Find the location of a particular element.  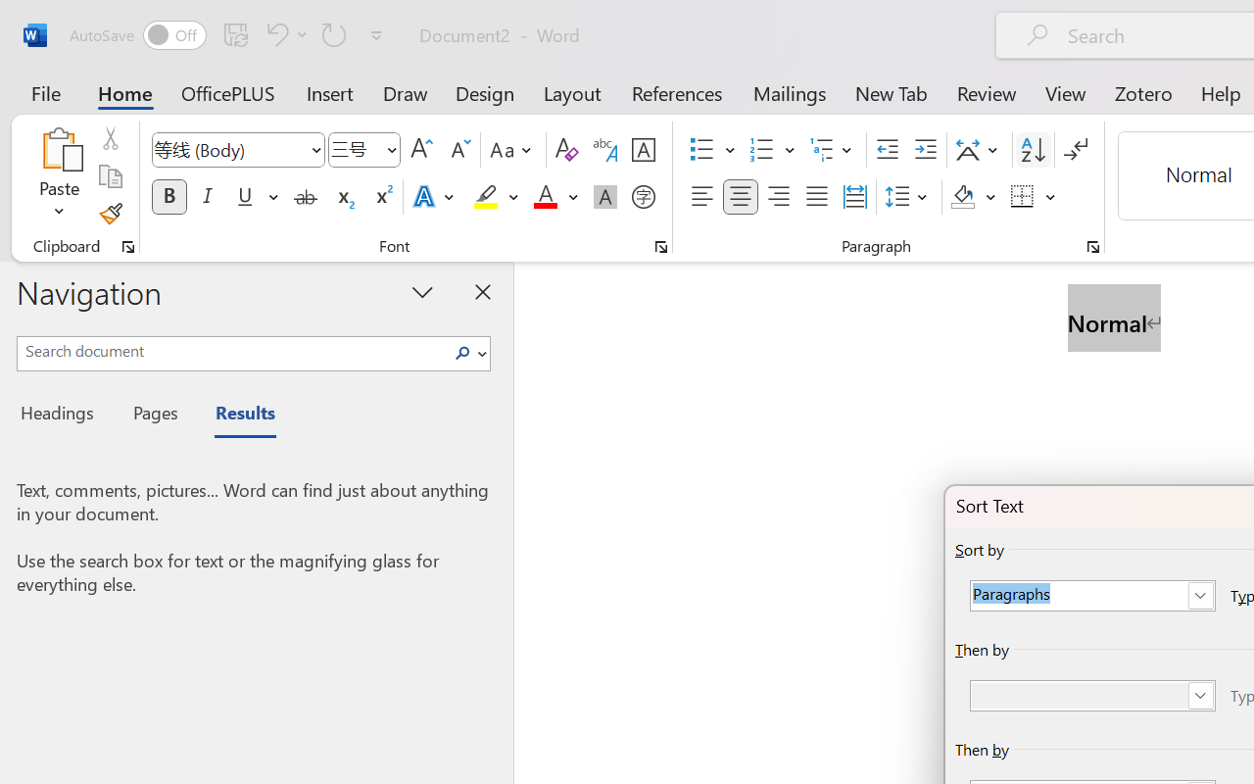

'Increase Indent' is located at coordinates (924, 150).